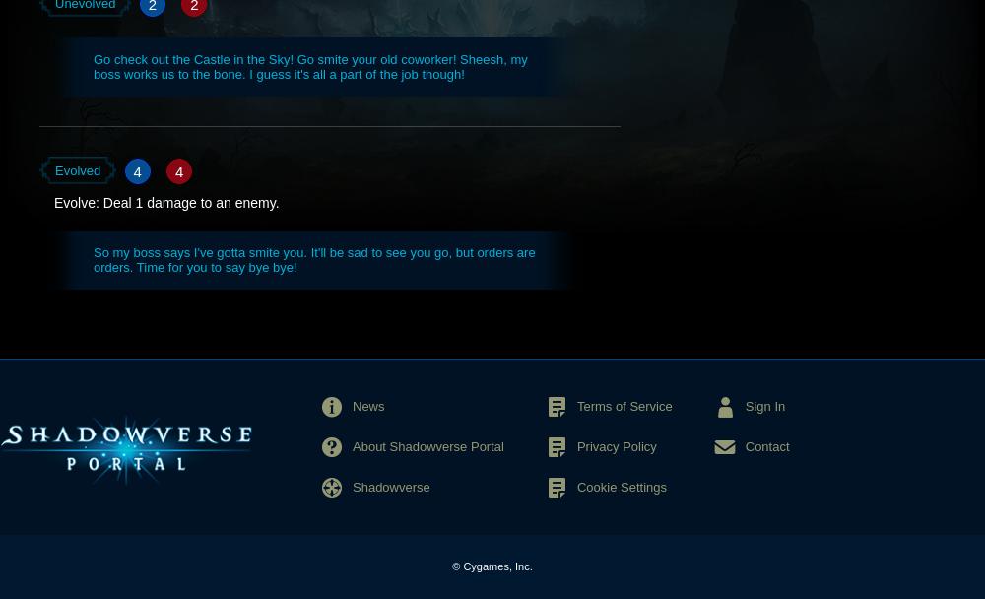  What do you see at coordinates (766, 445) in the screenshot?
I see `'Contact'` at bounding box center [766, 445].